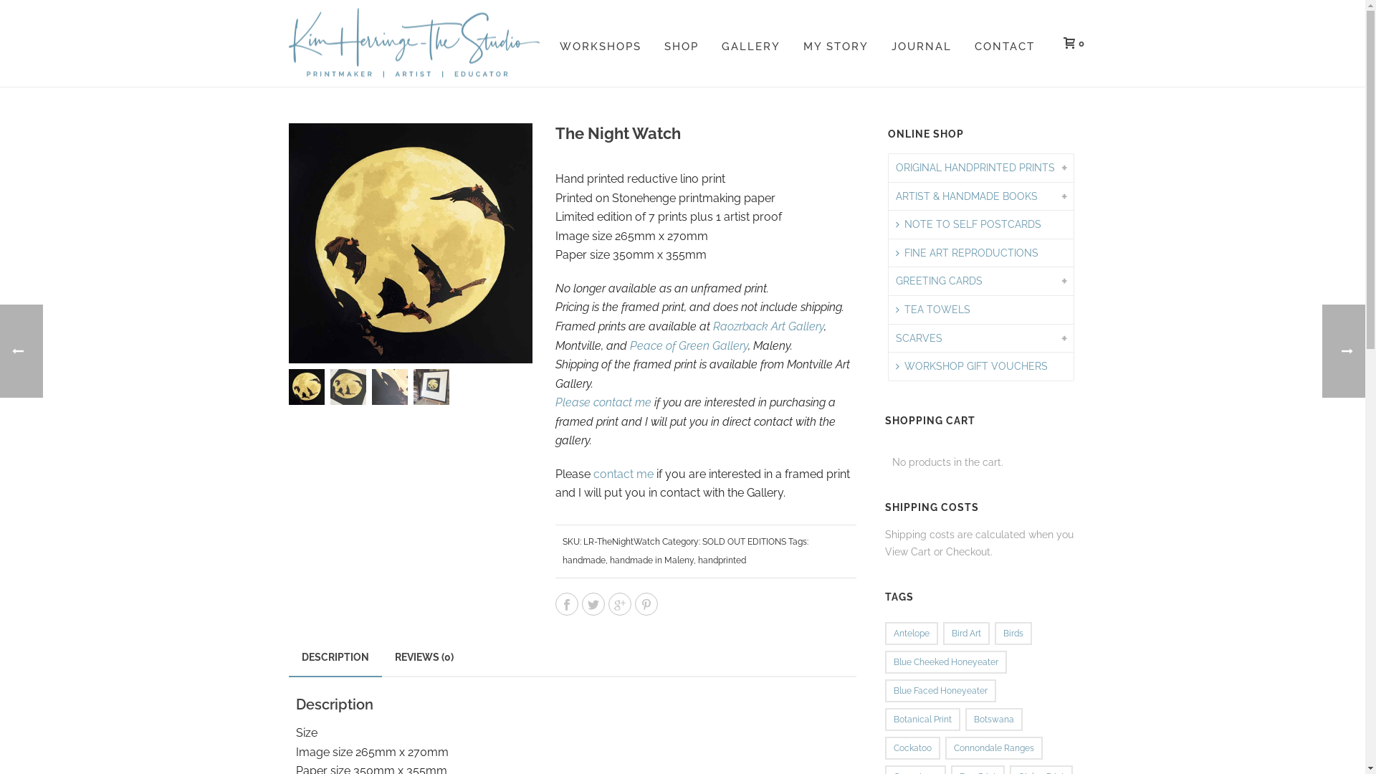 Image resolution: width=1376 pixels, height=774 pixels. I want to click on 'Blue Faced Honeyeater', so click(940, 690).